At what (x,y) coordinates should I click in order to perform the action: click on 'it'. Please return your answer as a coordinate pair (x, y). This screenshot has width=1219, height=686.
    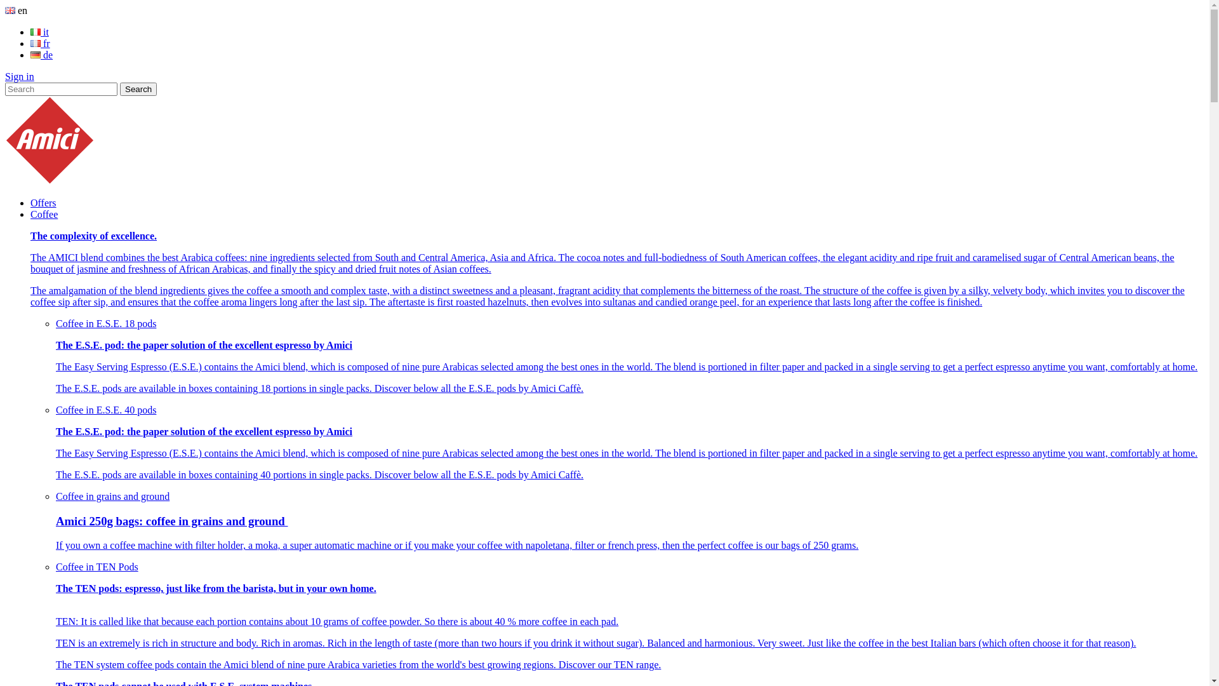
    Looking at the image, I should click on (39, 31).